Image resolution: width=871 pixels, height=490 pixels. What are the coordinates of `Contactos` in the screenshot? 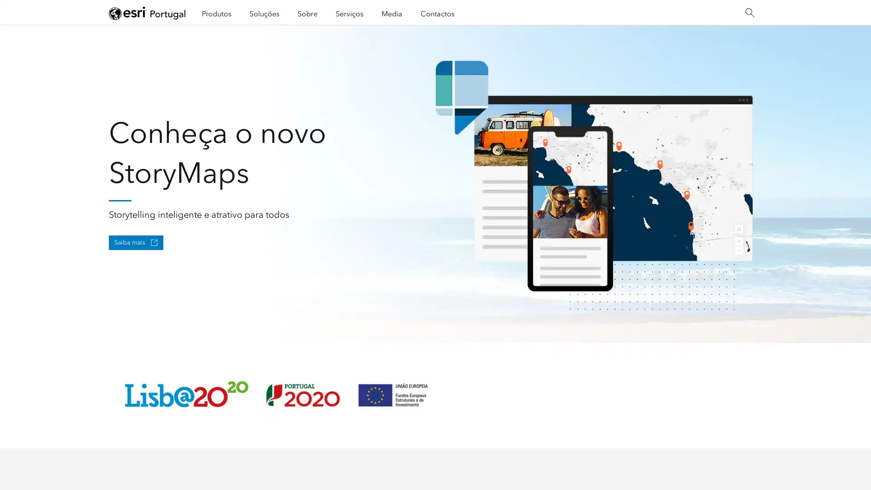 It's located at (437, 12).